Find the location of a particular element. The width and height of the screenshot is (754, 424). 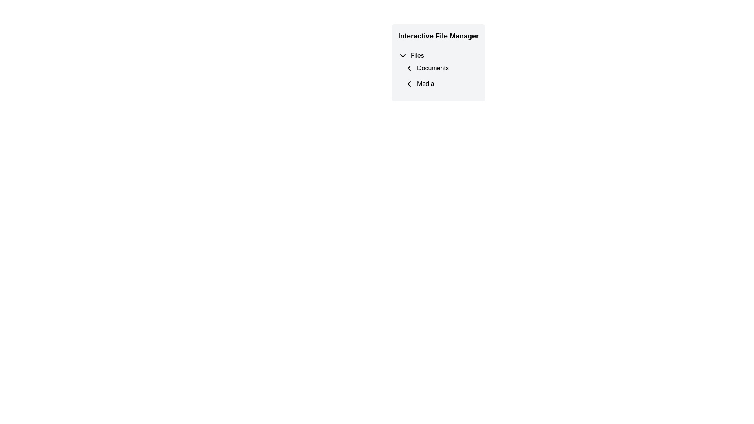

the 'Documents' menu item within the 'Interactive File Manager' to interact with its contents is located at coordinates (438, 71).